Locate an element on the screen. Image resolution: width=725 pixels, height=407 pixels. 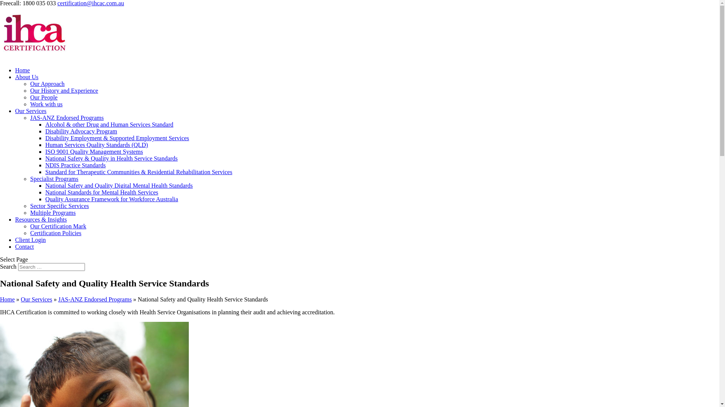
'certification@ihcac.com.au' is located at coordinates (91, 3).